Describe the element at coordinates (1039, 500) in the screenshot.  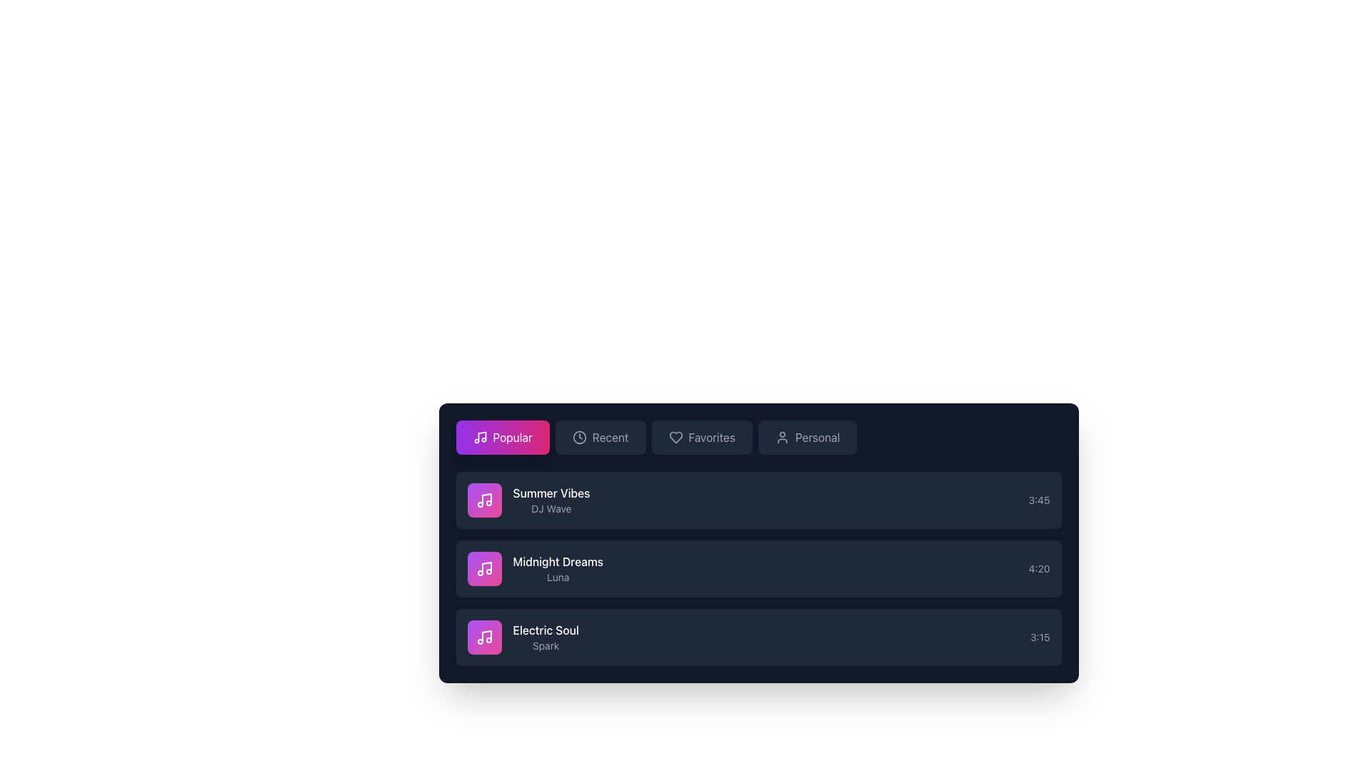
I see `displayed time from the text label indicating the duration of the corresponding music track, located in the first row of a list-like structure, right-aligned next to the track information` at that location.